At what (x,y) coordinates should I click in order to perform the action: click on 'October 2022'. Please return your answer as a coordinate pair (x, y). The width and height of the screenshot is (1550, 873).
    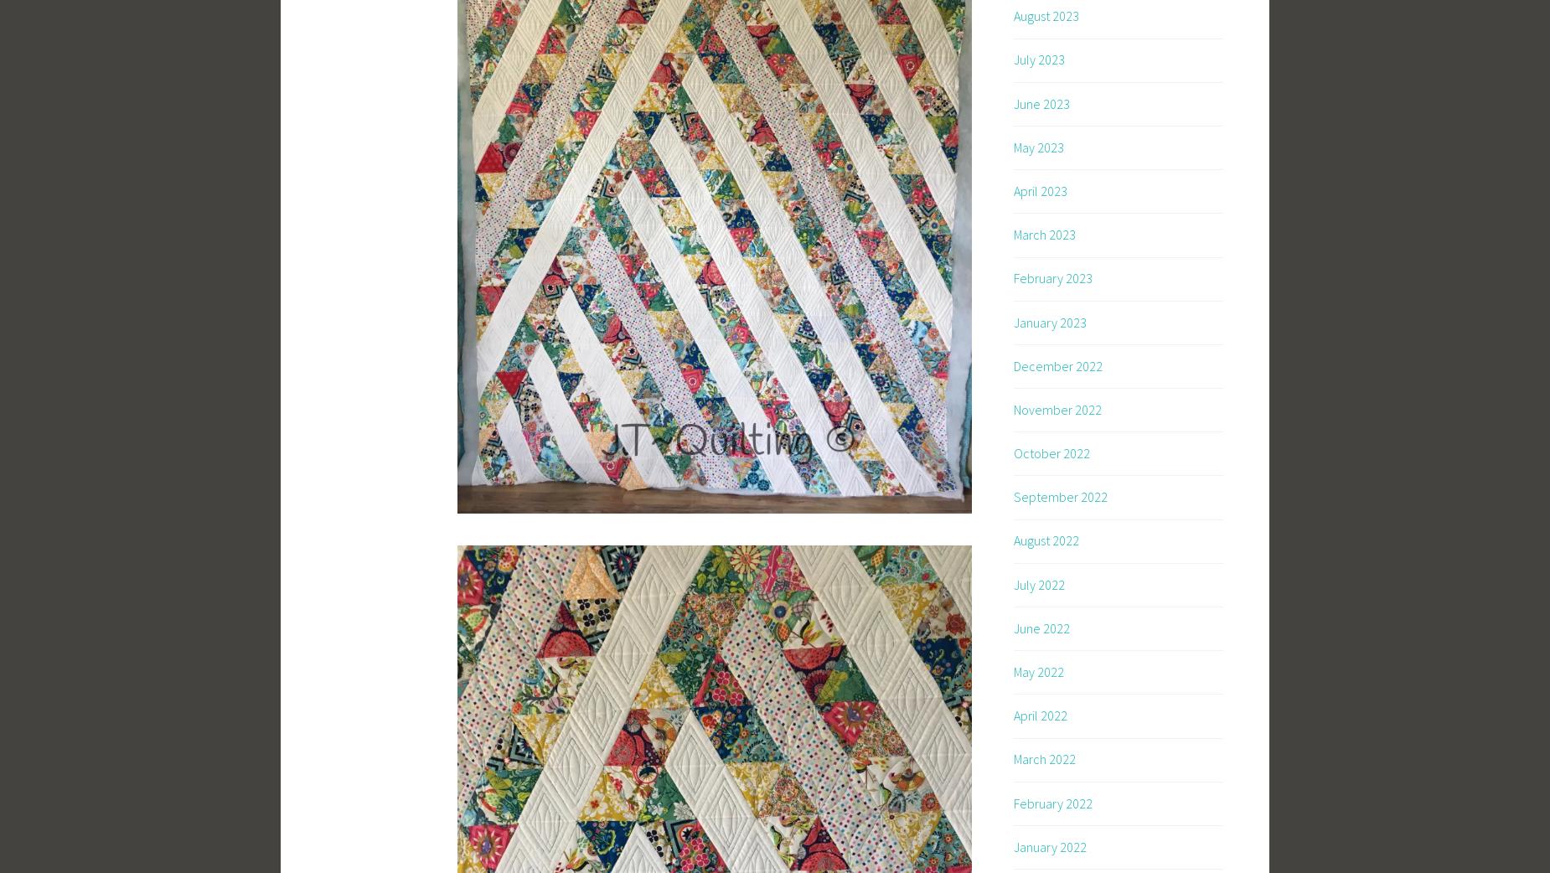
    Looking at the image, I should click on (1051, 452).